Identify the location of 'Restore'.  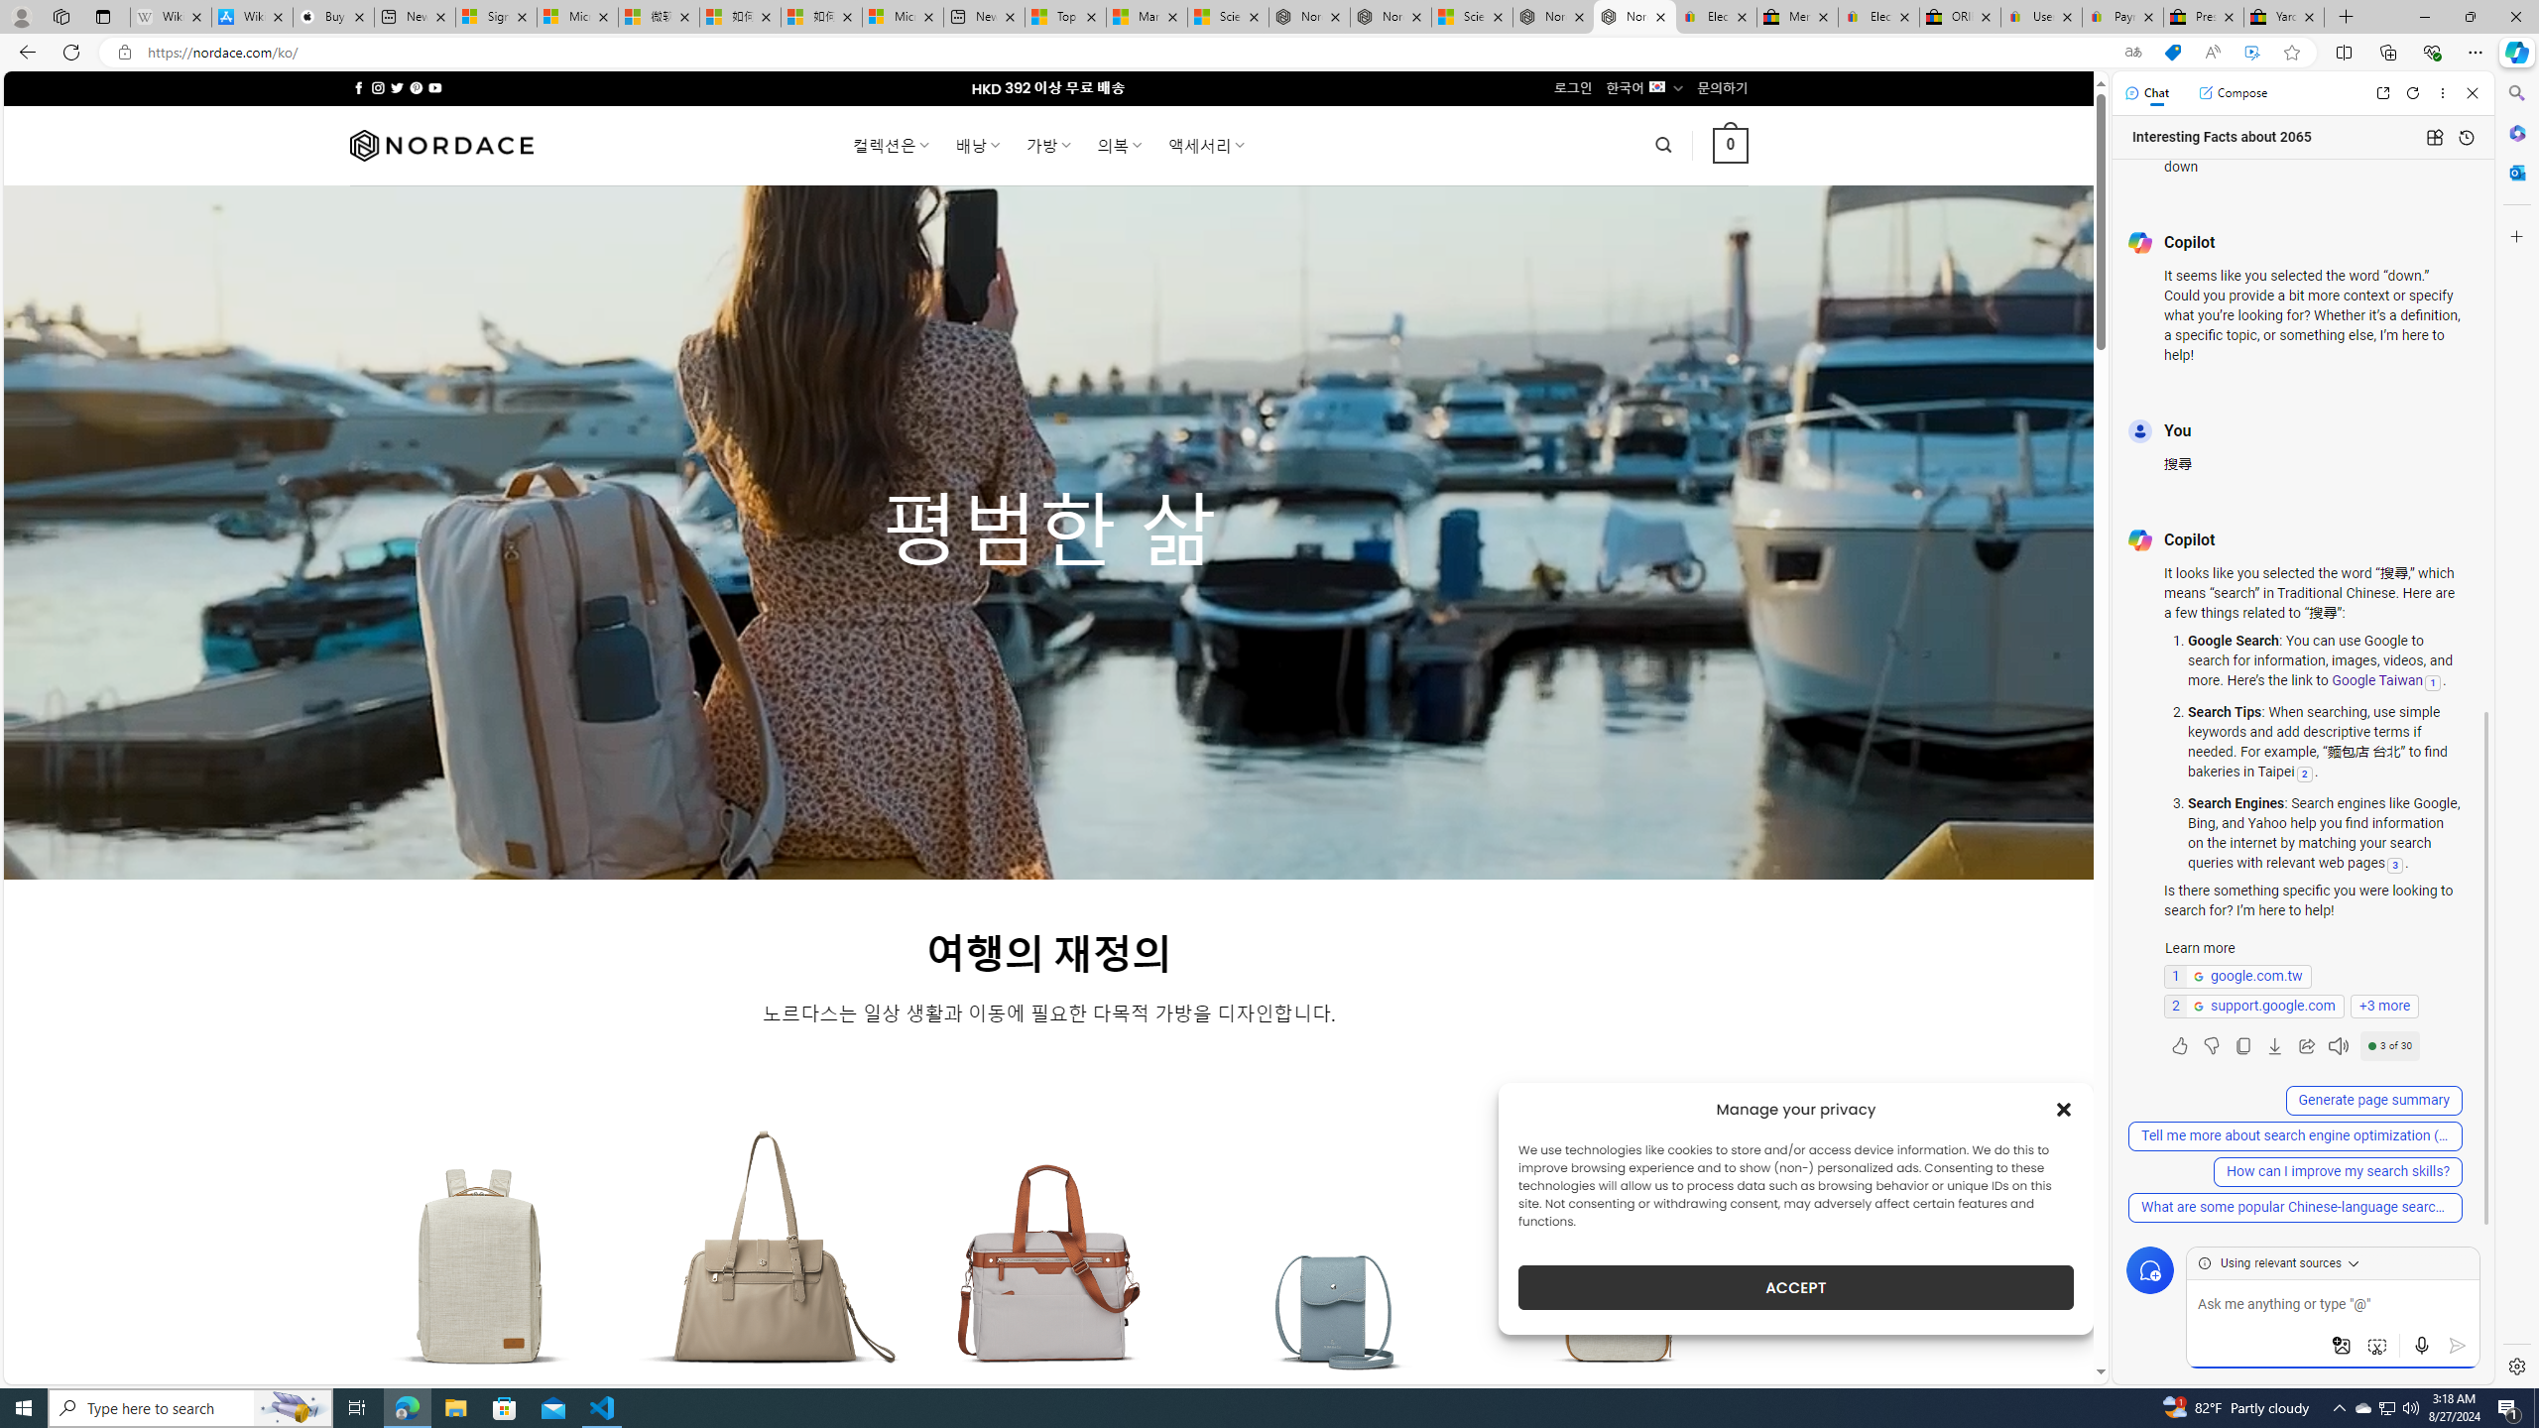
(2470, 16).